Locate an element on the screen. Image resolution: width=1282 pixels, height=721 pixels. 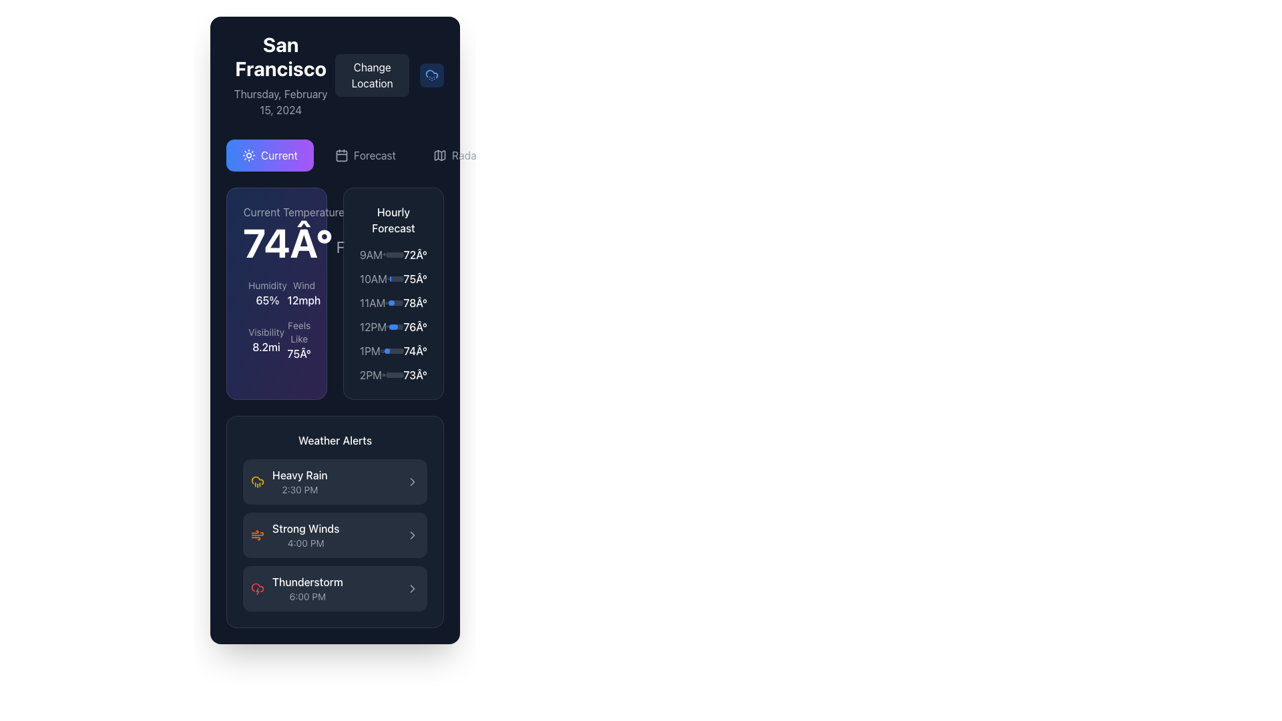
the width of the progress bar located in the 'Hourly Forecast' section between the time text '1PM' and the temperature '74°' is located at coordinates (393, 350).